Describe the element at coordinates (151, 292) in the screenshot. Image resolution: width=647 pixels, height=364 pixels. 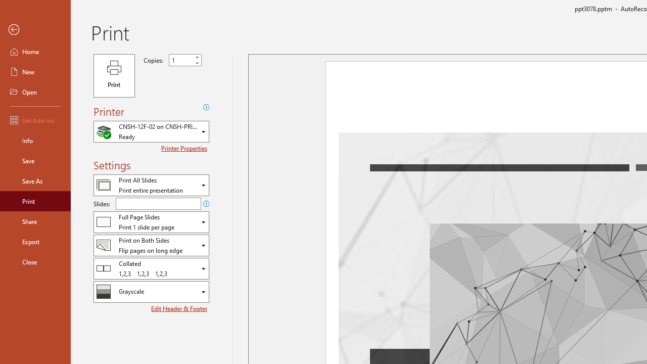
I see `'Color/Grayscale'` at that location.